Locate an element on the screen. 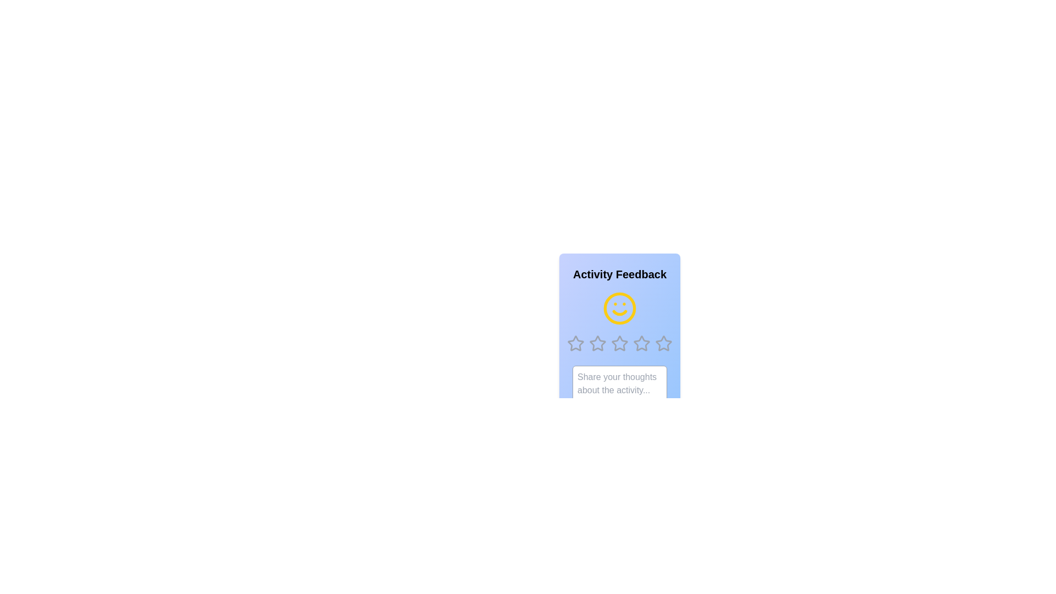 This screenshot has width=1056, height=594. the third star icon in the horizontal row of five stars for rating on the 'Activity Feedback' card interface is located at coordinates (620, 343).